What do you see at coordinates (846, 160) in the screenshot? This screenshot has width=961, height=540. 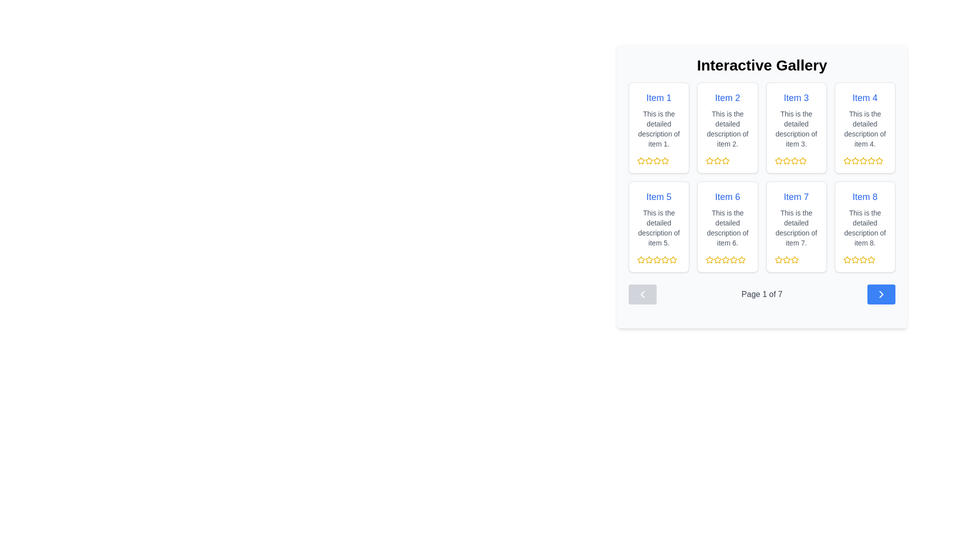 I see `the star-shaped icon with a yellow fill and dark stroke representing the second star in the rating section of 'Item 4' in the interactive gallery` at bounding box center [846, 160].